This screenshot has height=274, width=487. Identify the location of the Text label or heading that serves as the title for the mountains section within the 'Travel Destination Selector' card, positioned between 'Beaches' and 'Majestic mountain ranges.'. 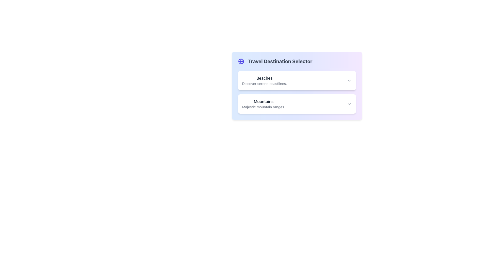
(264, 101).